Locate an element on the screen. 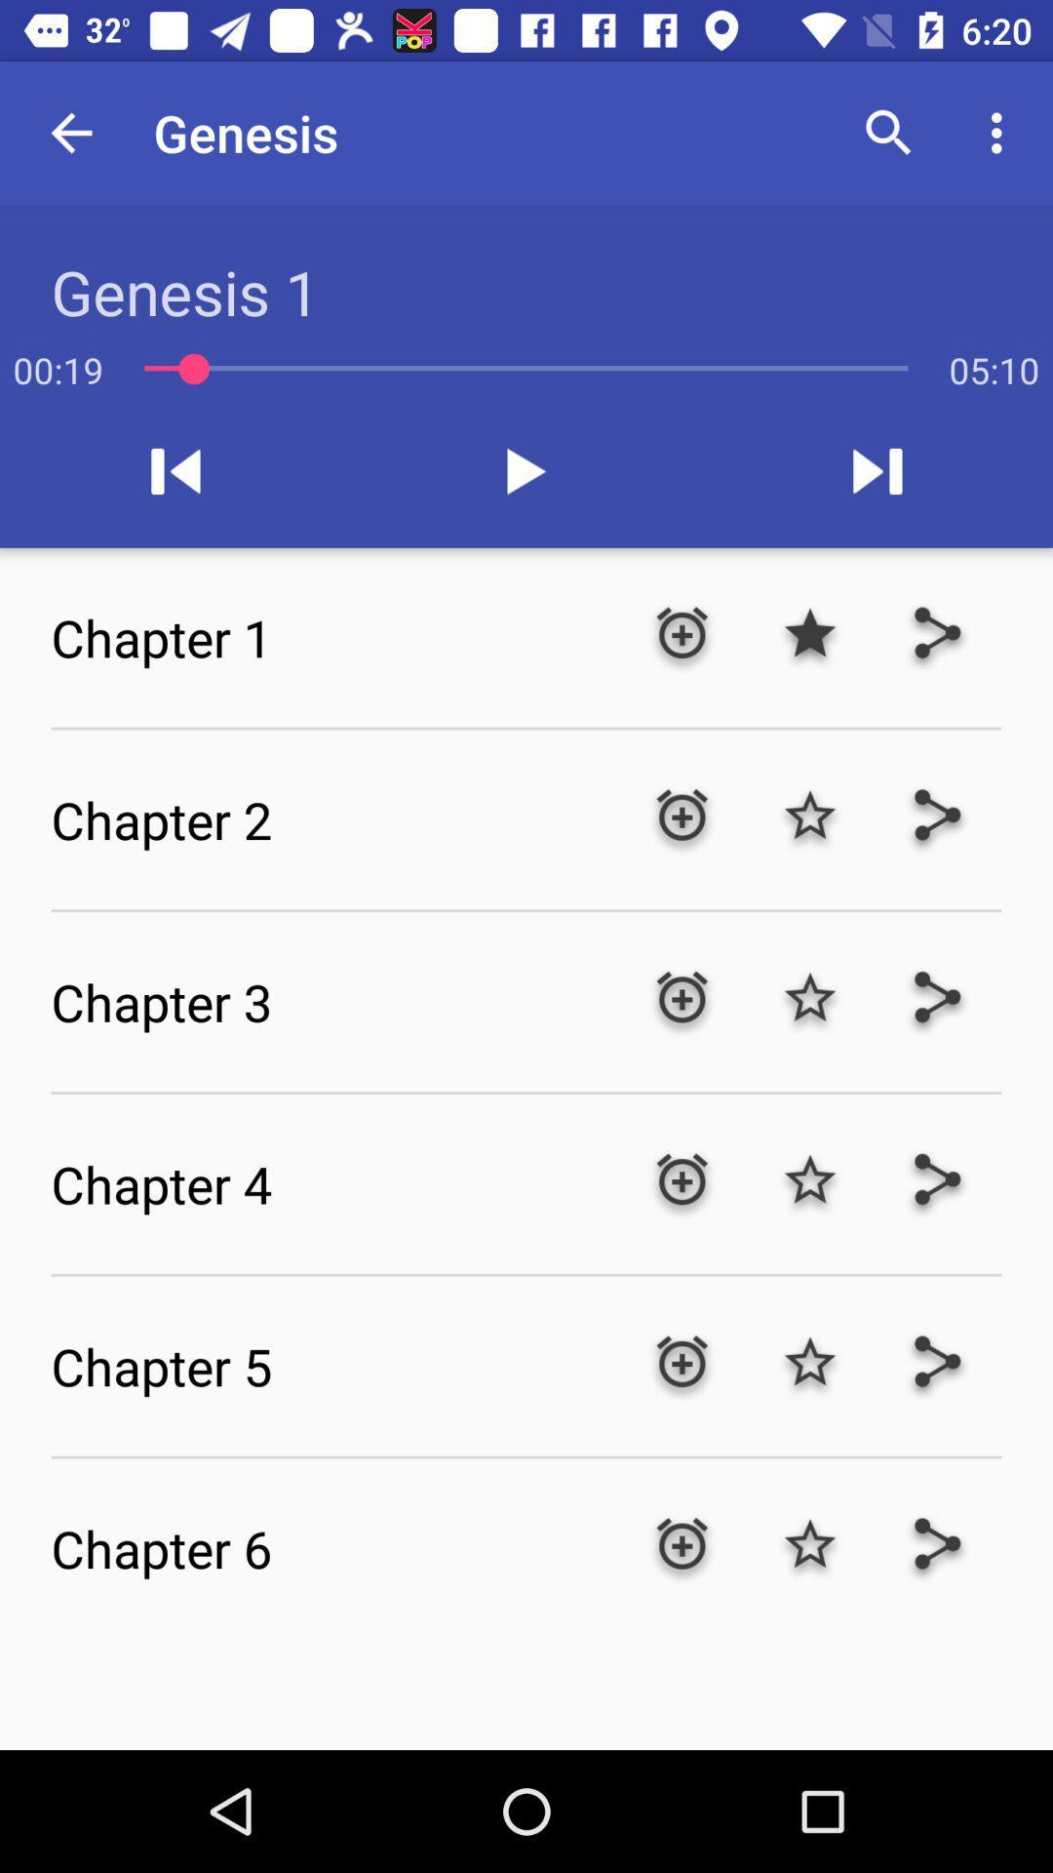  chapter 4 item is located at coordinates (333, 1182).